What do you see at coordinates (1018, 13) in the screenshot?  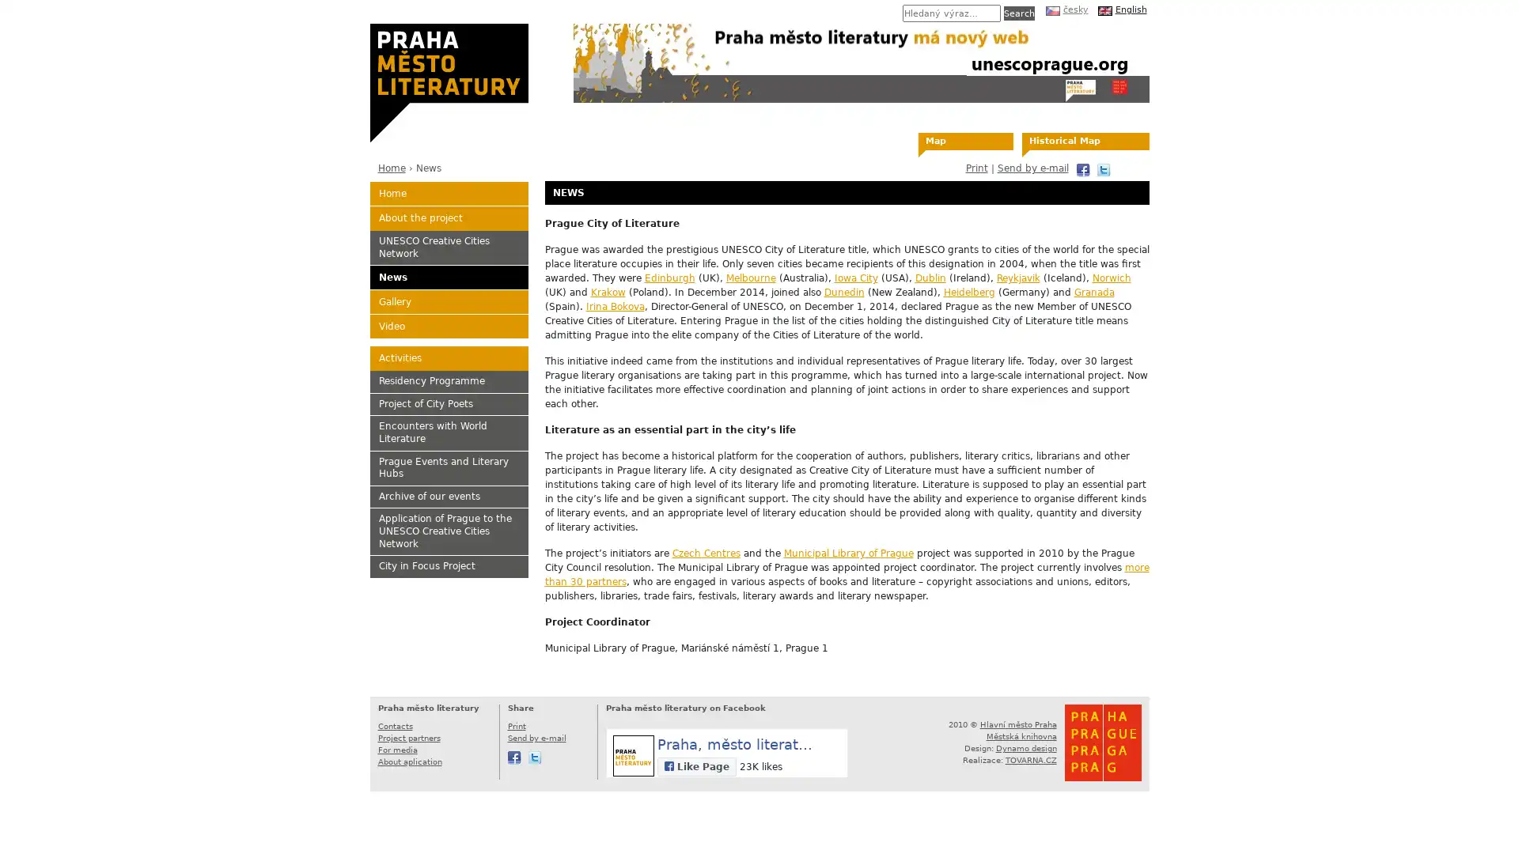 I see `Search` at bounding box center [1018, 13].